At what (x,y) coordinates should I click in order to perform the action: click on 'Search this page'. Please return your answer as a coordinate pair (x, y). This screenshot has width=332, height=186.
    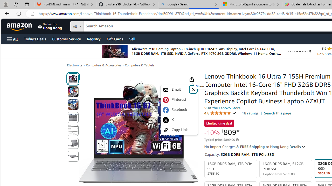
    Looking at the image, I should click on (277, 113).